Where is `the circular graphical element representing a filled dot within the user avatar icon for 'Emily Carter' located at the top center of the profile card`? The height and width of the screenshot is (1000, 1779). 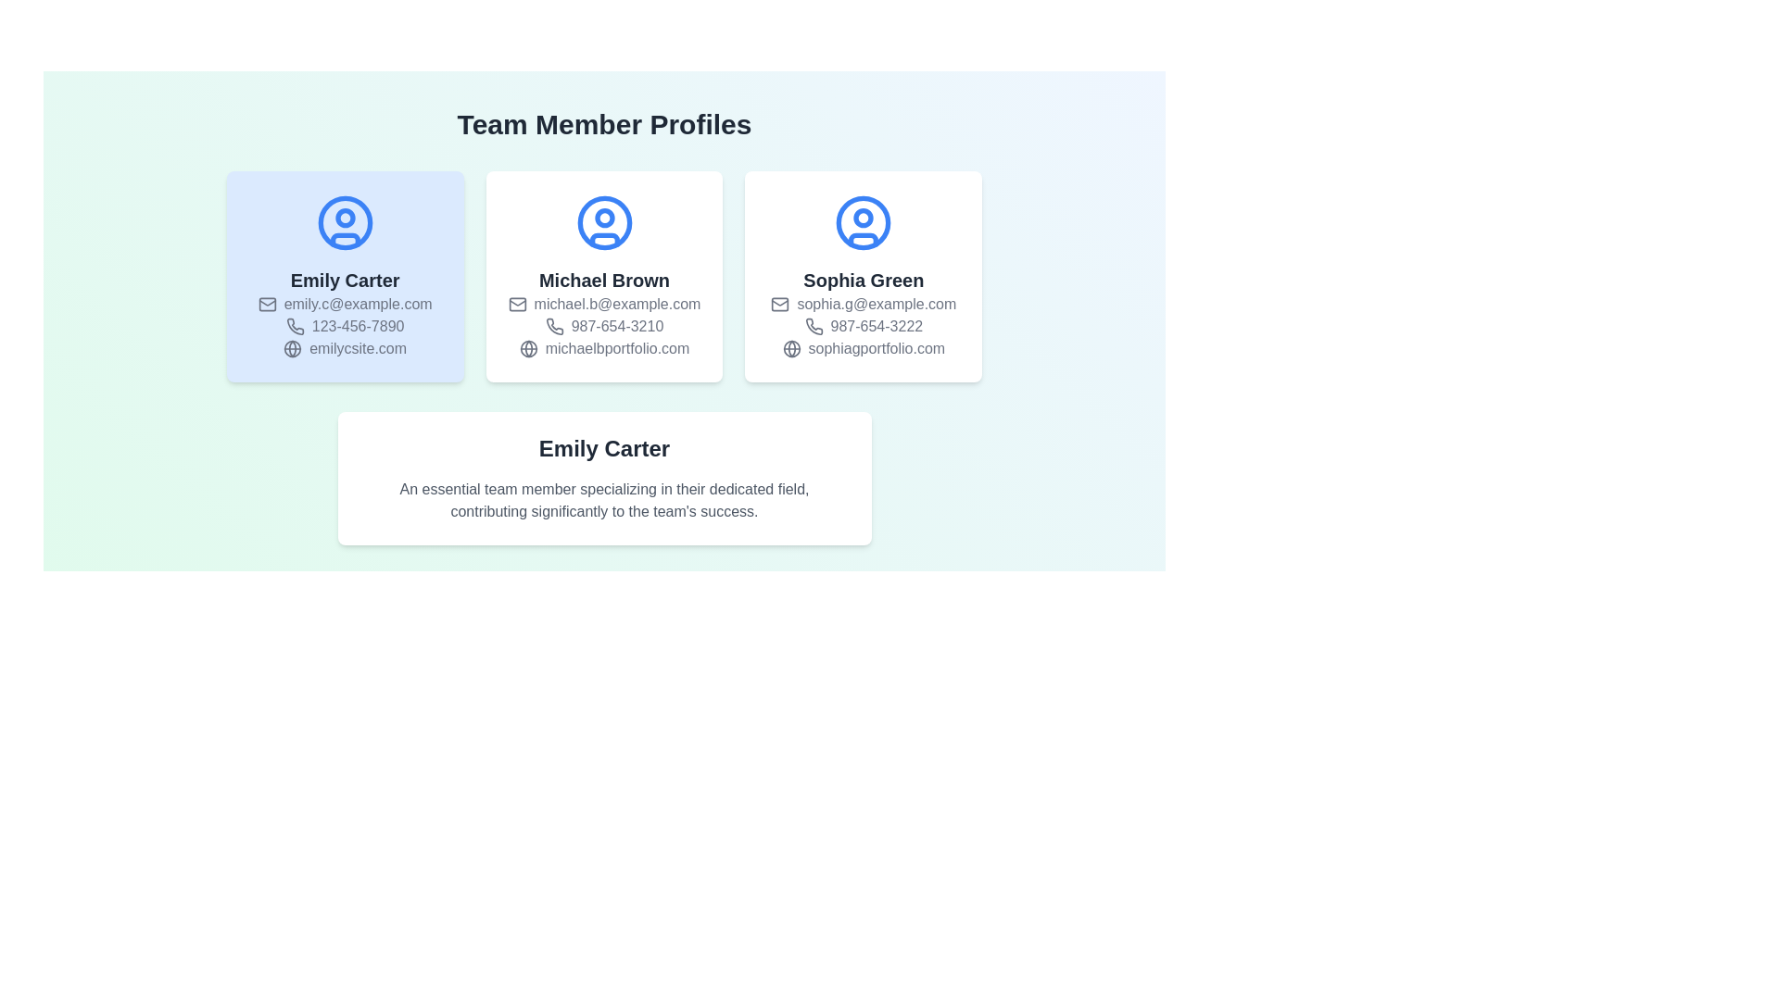 the circular graphical element representing a filled dot within the user avatar icon for 'Emily Carter' located at the top center of the profile card is located at coordinates (345, 217).